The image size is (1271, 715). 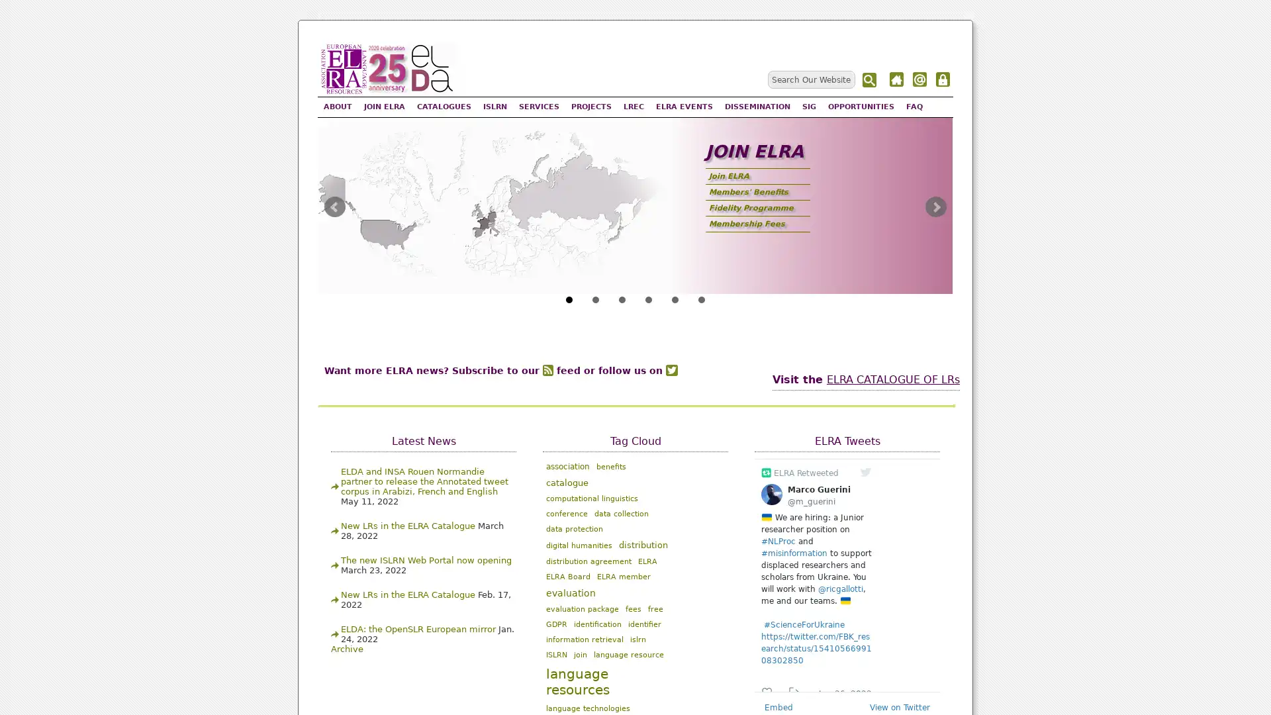 I want to click on search, so click(x=871, y=80).